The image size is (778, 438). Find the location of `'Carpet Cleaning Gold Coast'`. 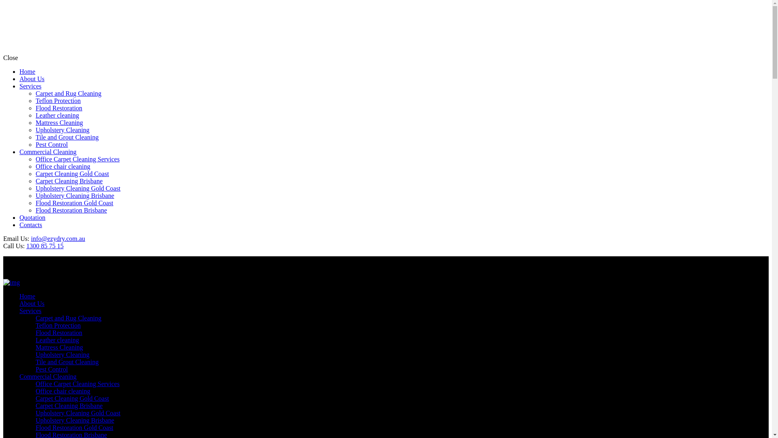

'Carpet Cleaning Gold Coast' is located at coordinates (72, 398).